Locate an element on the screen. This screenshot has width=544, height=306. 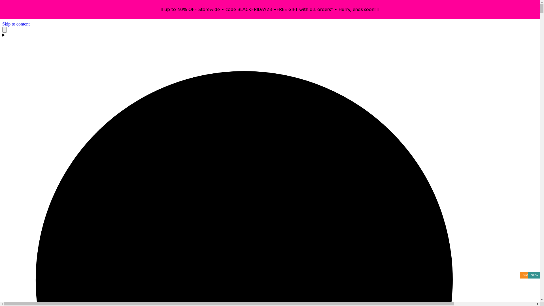
'Skip to content' is located at coordinates (16, 24).